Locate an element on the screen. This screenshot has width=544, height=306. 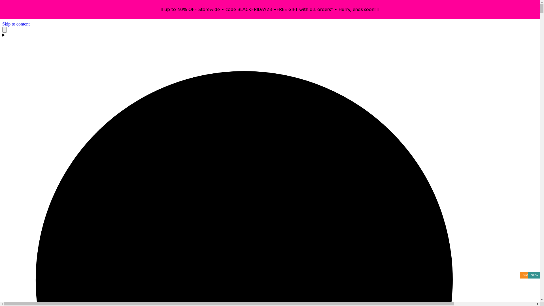
'Skip to content' is located at coordinates (16, 24).